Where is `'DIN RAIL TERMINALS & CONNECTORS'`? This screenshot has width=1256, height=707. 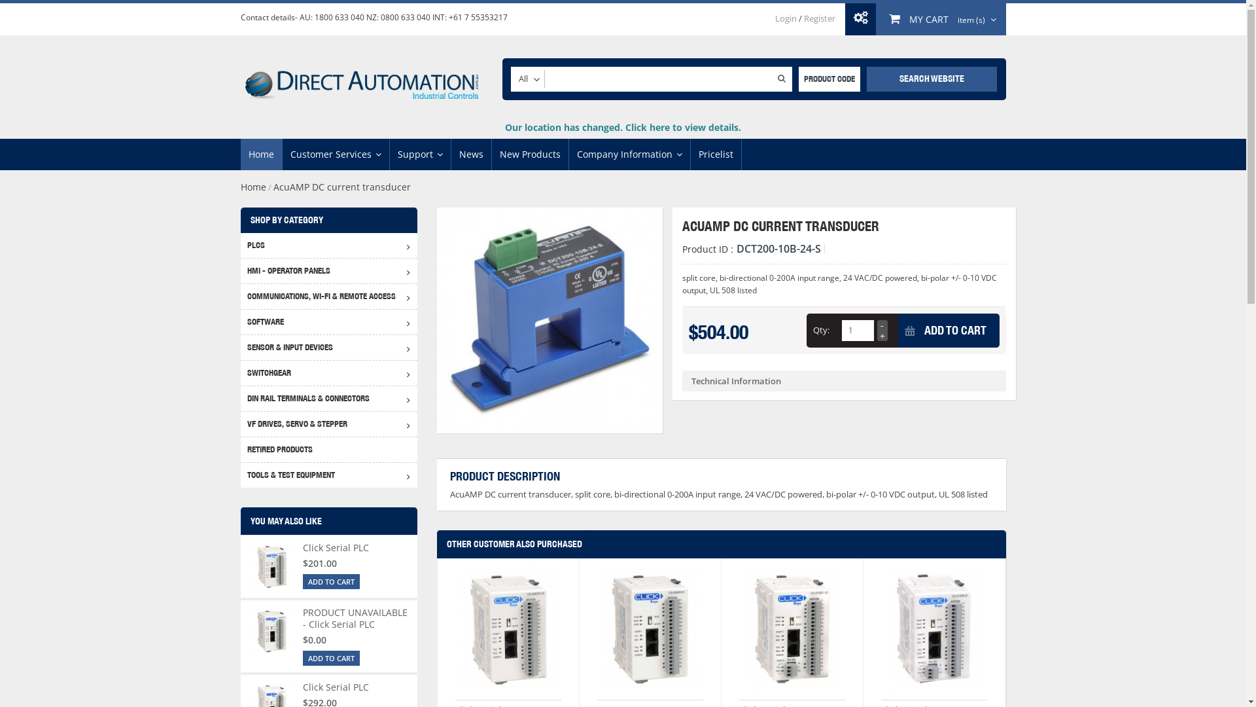
'DIN RAIL TERMINALS & CONNECTORS' is located at coordinates (329, 397).